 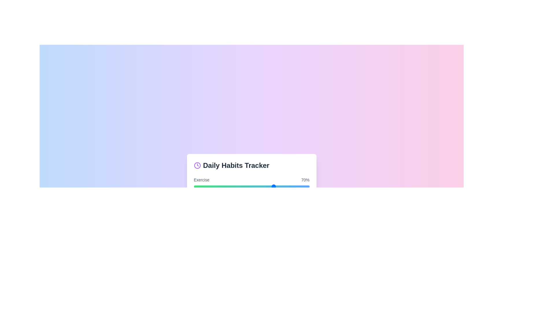 I want to click on the progress bar for a habit to 35%, so click(x=234, y=186).